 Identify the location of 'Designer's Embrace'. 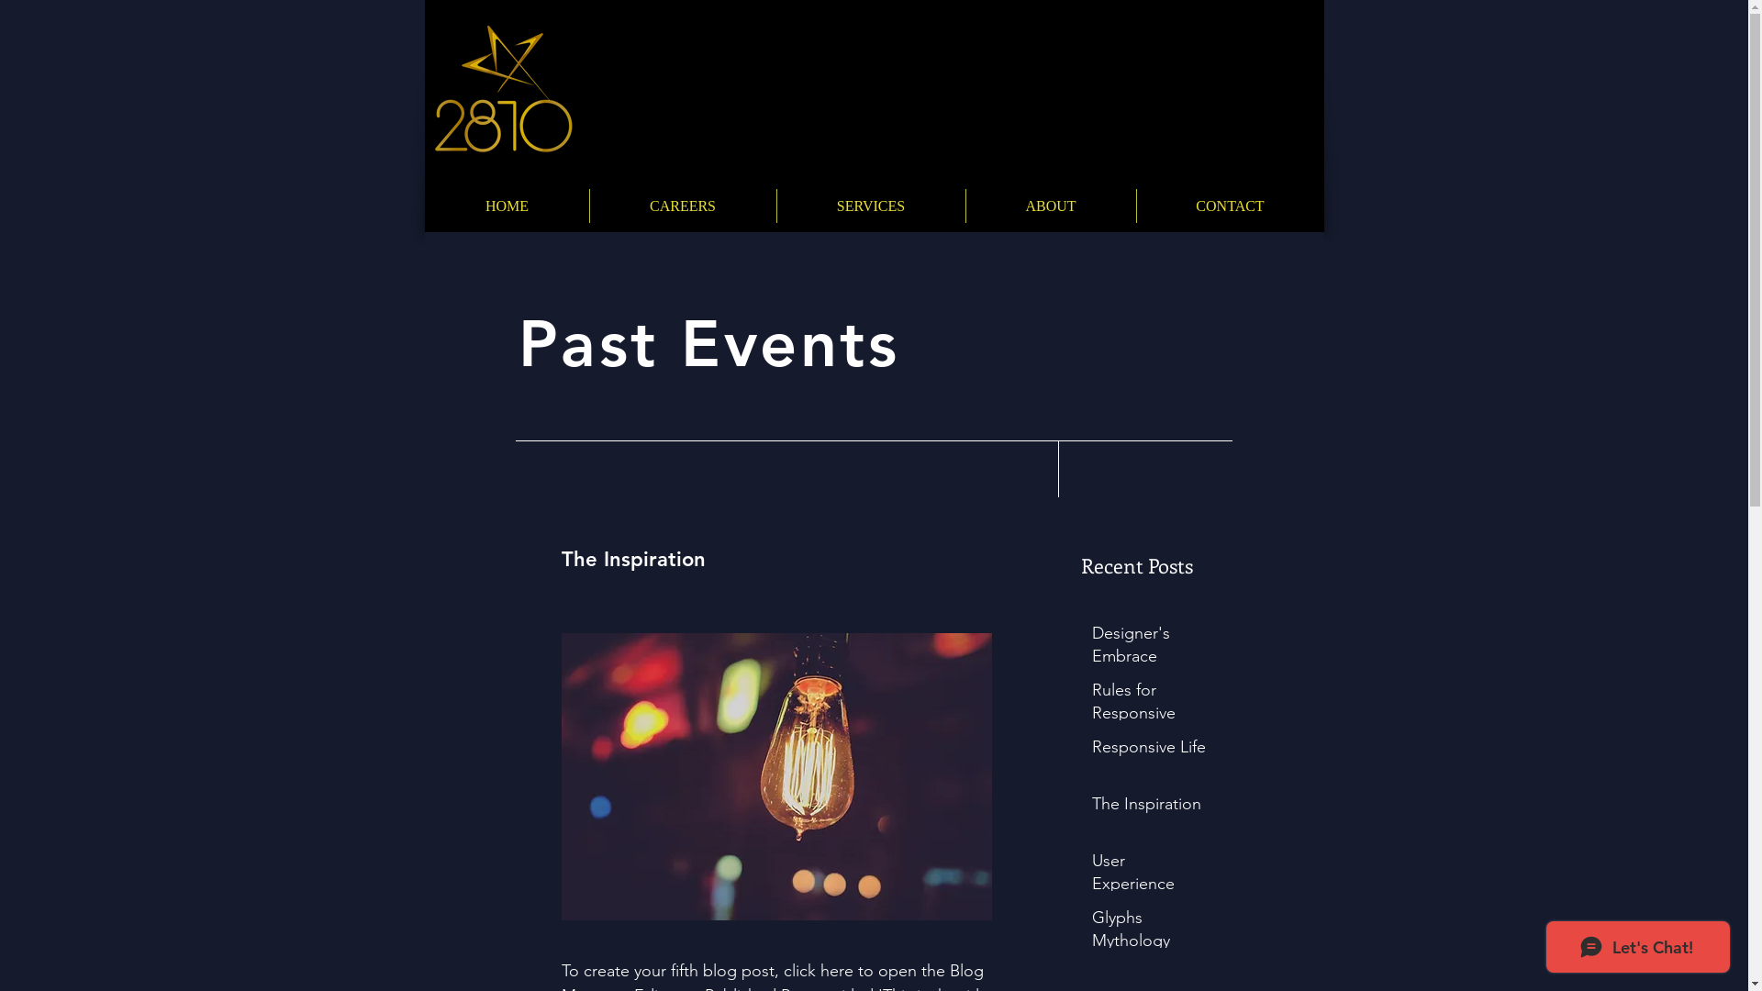
(1149, 647).